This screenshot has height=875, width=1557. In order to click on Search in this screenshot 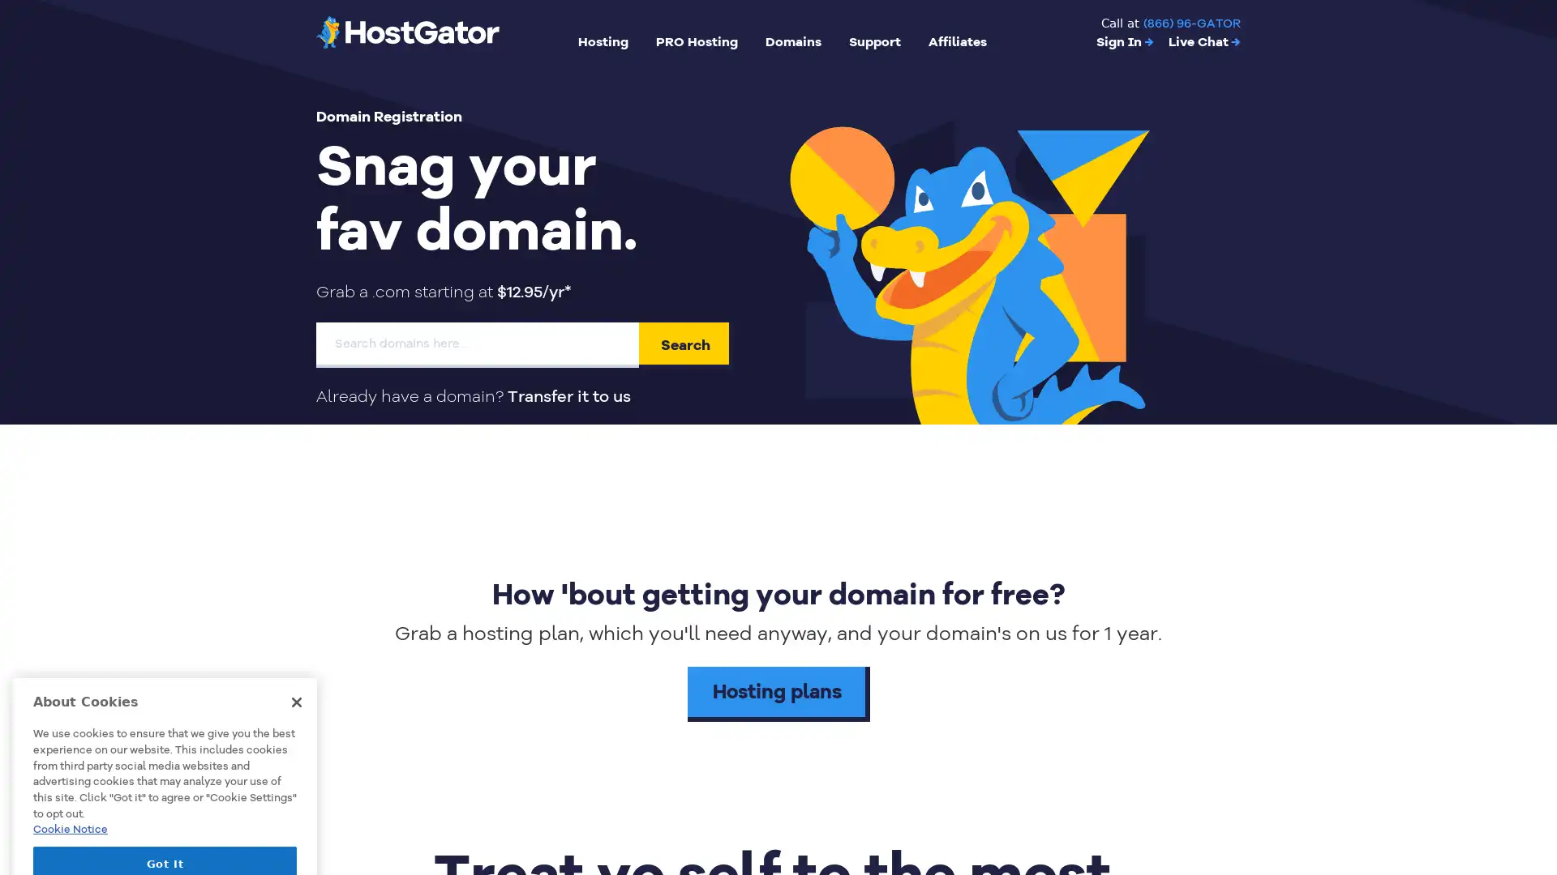, I will do `click(685, 344)`.